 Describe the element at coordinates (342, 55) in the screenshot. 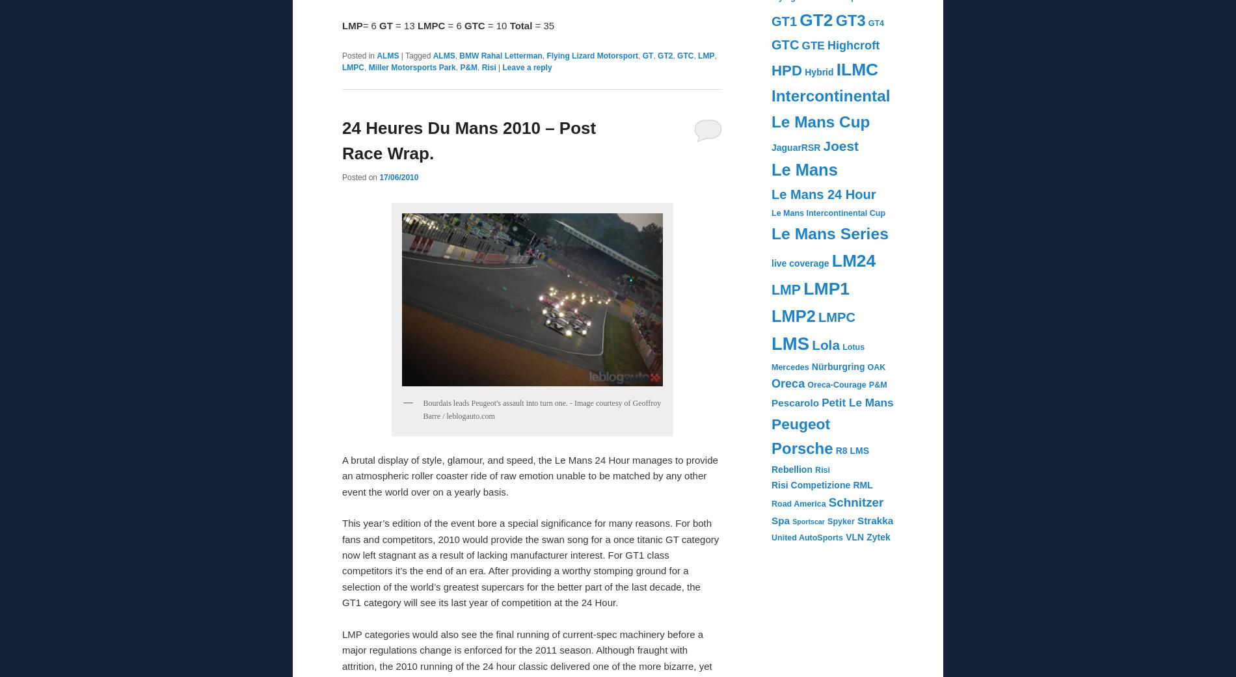

I see `'Posted in'` at that location.